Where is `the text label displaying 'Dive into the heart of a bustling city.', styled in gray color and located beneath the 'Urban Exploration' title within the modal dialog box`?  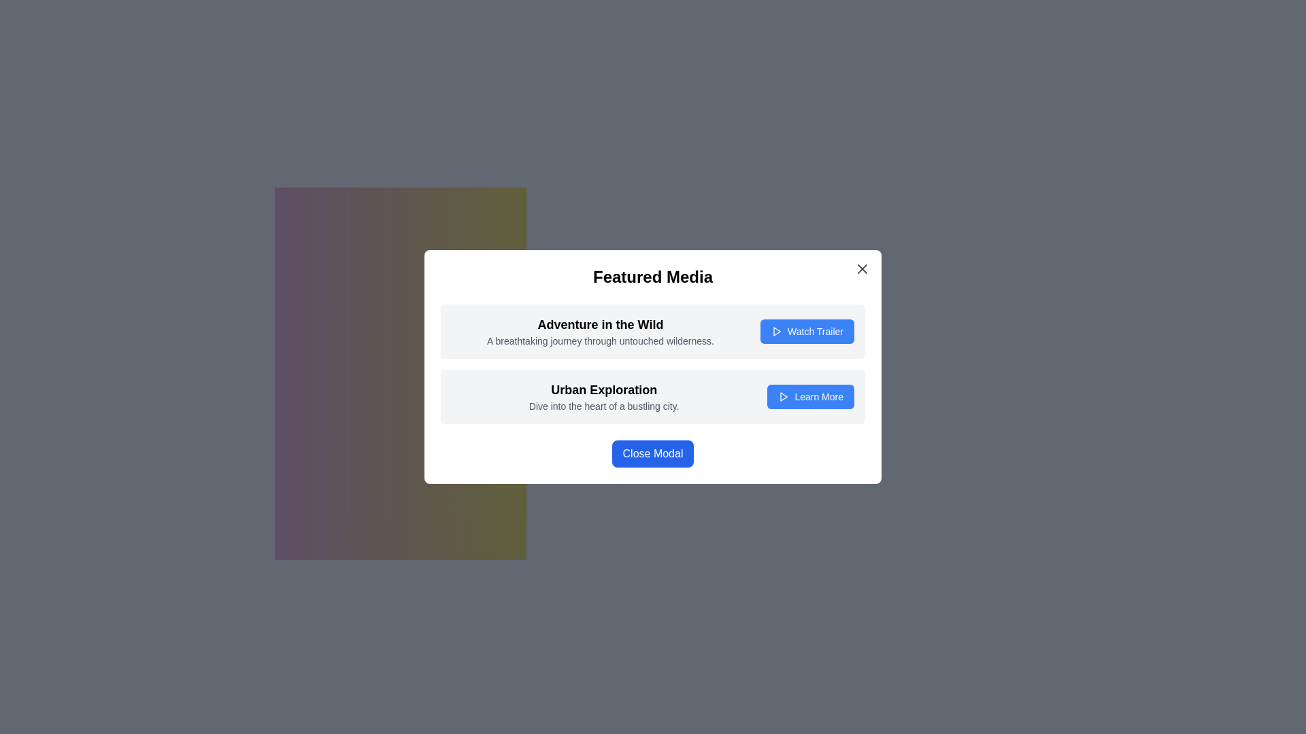
the text label displaying 'Dive into the heart of a bustling city.', styled in gray color and located beneath the 'Urban Exploration' title within the modal dialog box is located at coordinates (603, 405).